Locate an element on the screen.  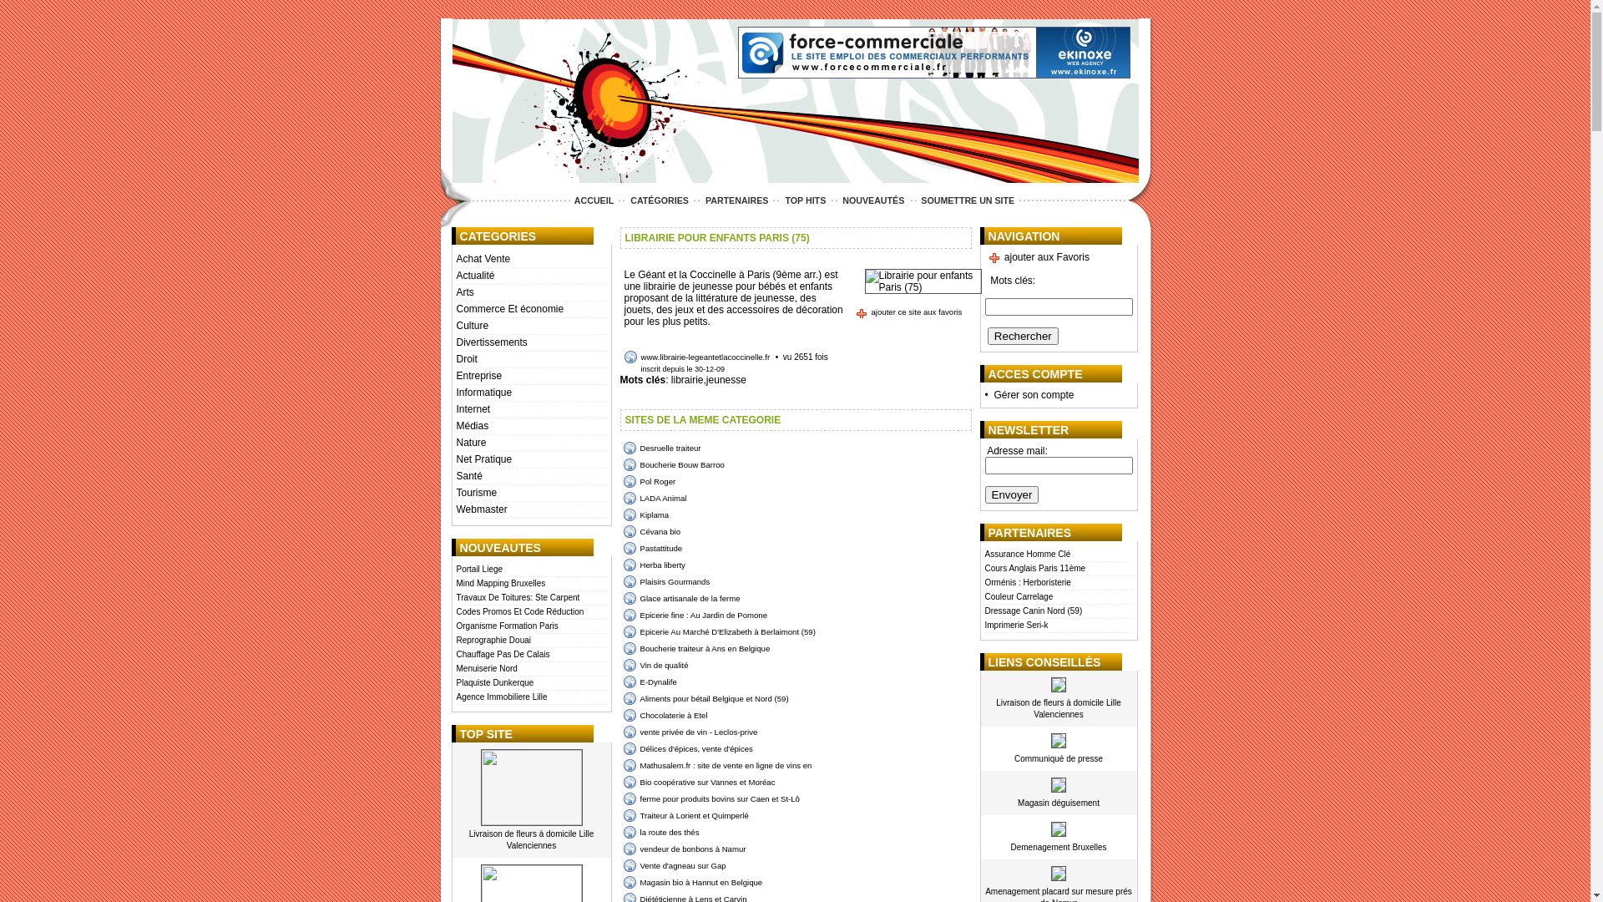
'Plaisirs Gourmands' is located at coordinates (665, 580).